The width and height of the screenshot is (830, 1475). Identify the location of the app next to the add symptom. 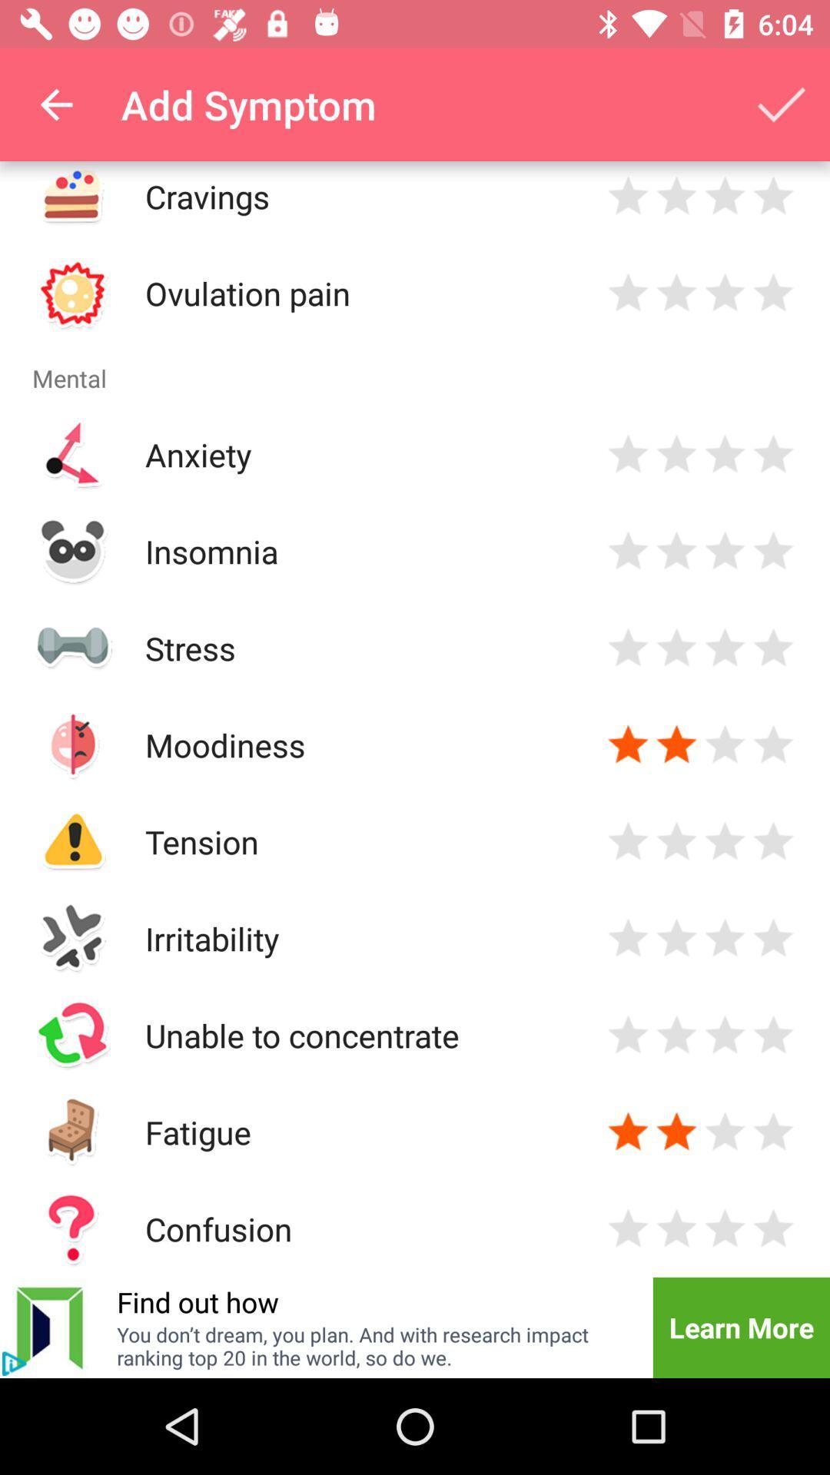
(782, 104).